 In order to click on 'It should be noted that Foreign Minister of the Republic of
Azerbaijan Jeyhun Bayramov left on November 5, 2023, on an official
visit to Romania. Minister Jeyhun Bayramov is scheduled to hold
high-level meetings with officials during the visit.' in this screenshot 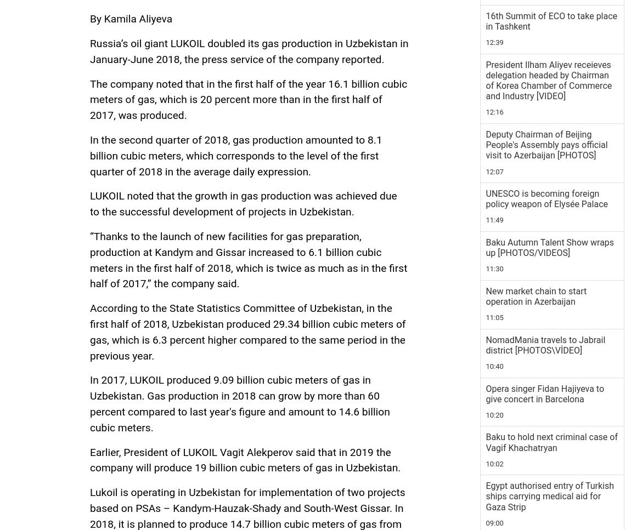, I will do `click(245, 160)`.